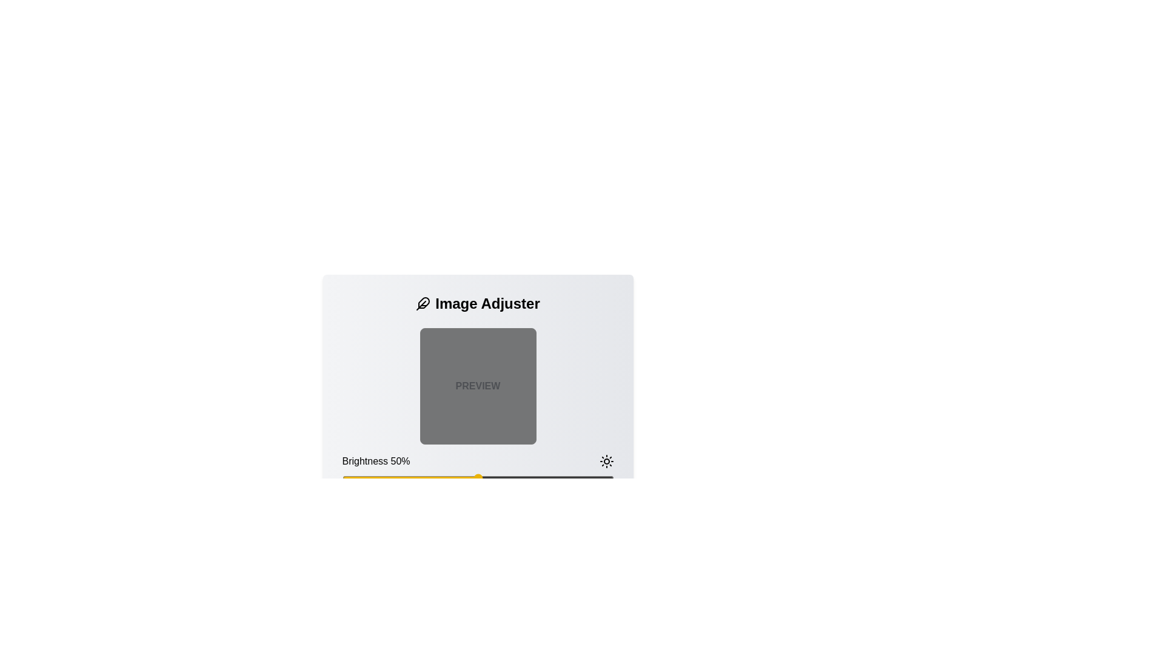 This screenshot has height=655, width=1164. I want to click on the Preview box located within the 'Image Adjuster' panel, which displays adjustments or effects applied to an image, so click(477, 414).